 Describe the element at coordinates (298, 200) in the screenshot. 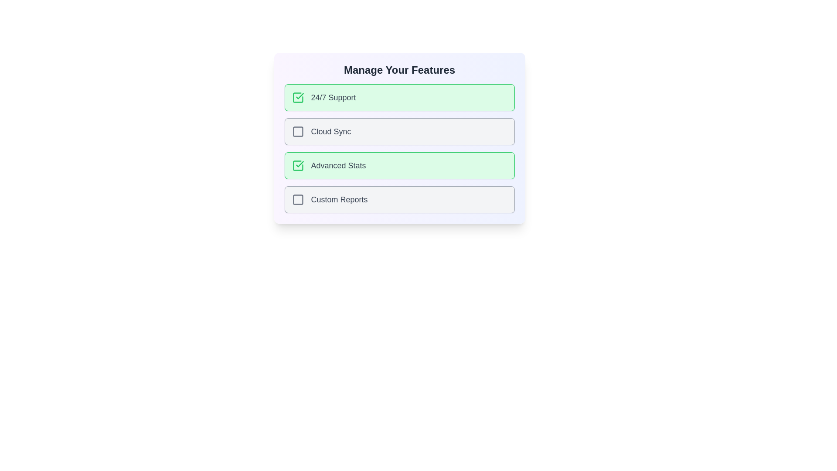

I see `the square SVG icon that serves as a status indicator for the 'Custom Reports' feature, located in the fourth row under 'Manage Your Features'` at that location.